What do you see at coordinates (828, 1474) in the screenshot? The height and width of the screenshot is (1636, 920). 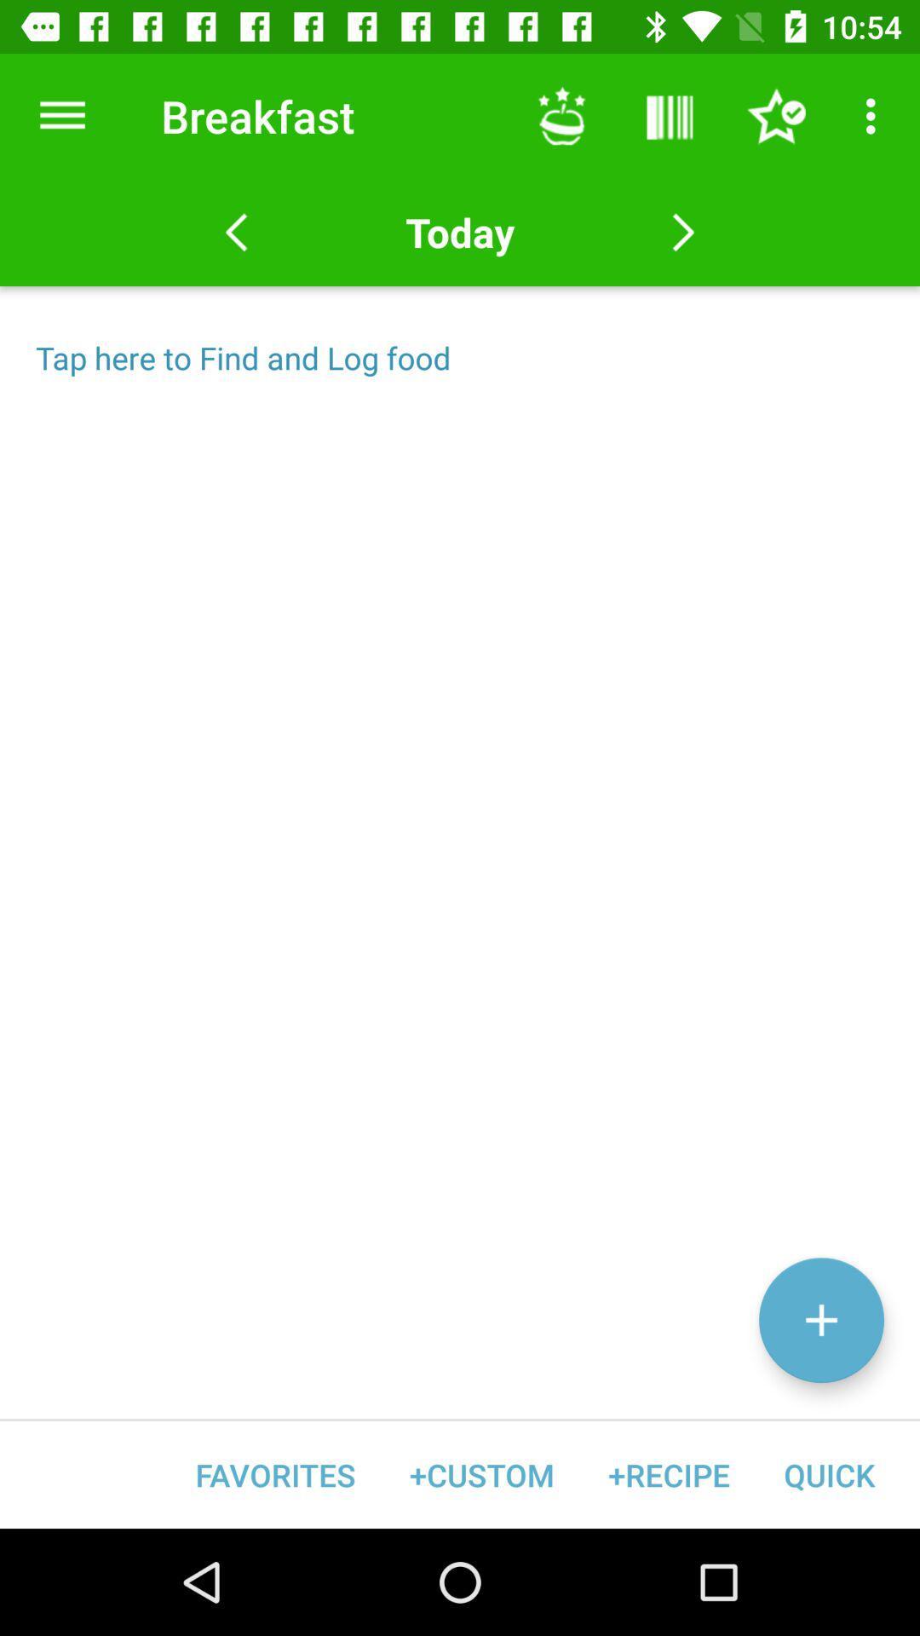 I see `quick` at bounding box center [828, 1474].